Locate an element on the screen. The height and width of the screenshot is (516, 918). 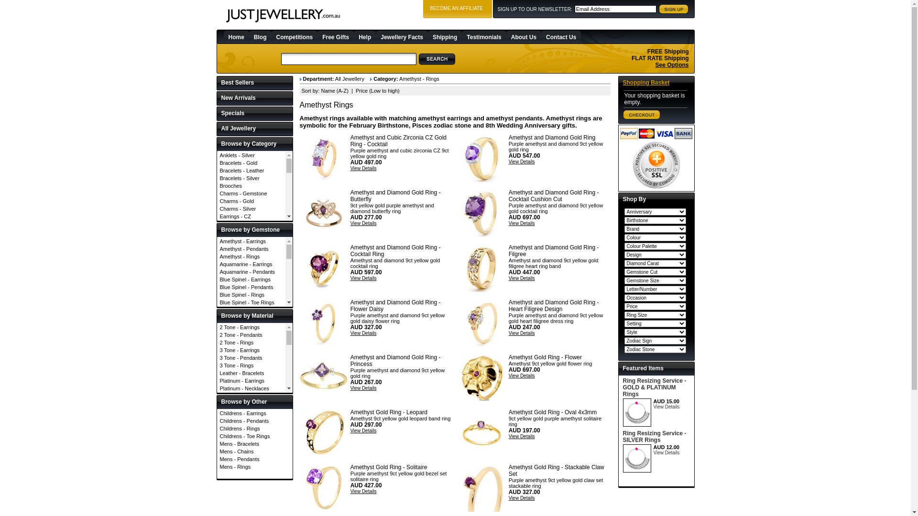
'Just Jewellery' is located at coordinates (282, 16).